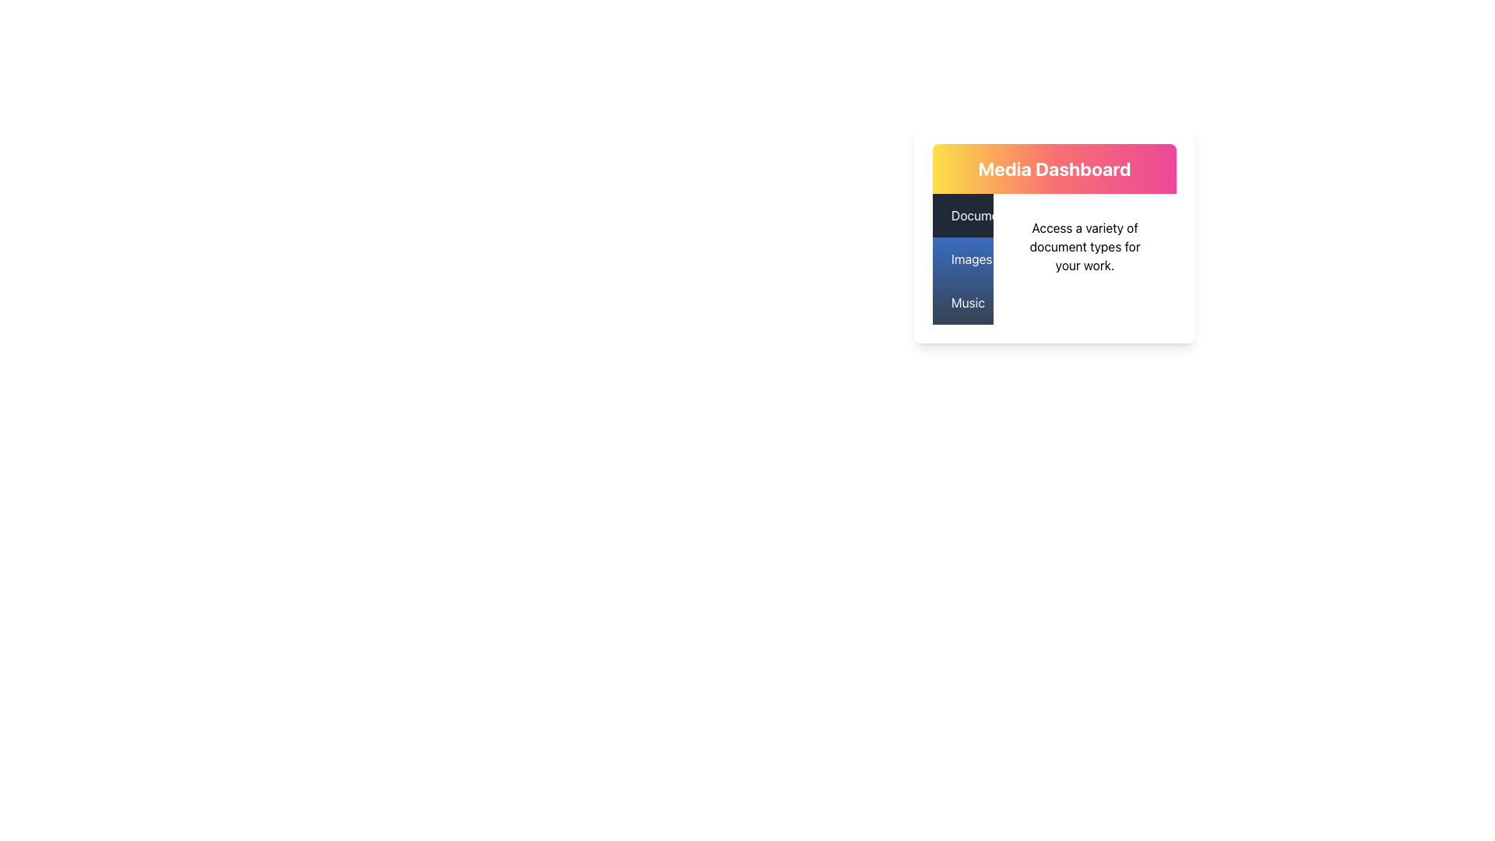 This screenshot has height=841, width=1495. What do you see at coordinates (962, 258) in the screenshot?
I see `the 'Images' menu item in the vertical navigation bar, which is the second option in the list, located between 'Documents' and 'Music', to trigger its visual hover state` at bounding box center [962, 258].